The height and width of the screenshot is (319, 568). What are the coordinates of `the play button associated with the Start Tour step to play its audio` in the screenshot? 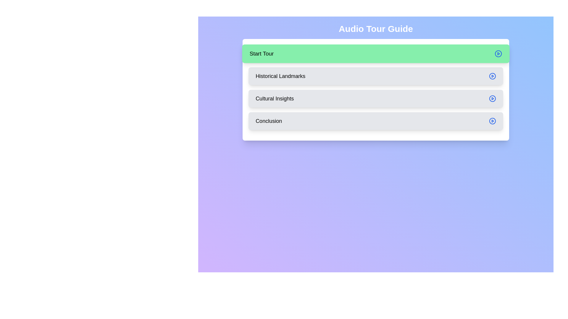 It's located at (498, 53).